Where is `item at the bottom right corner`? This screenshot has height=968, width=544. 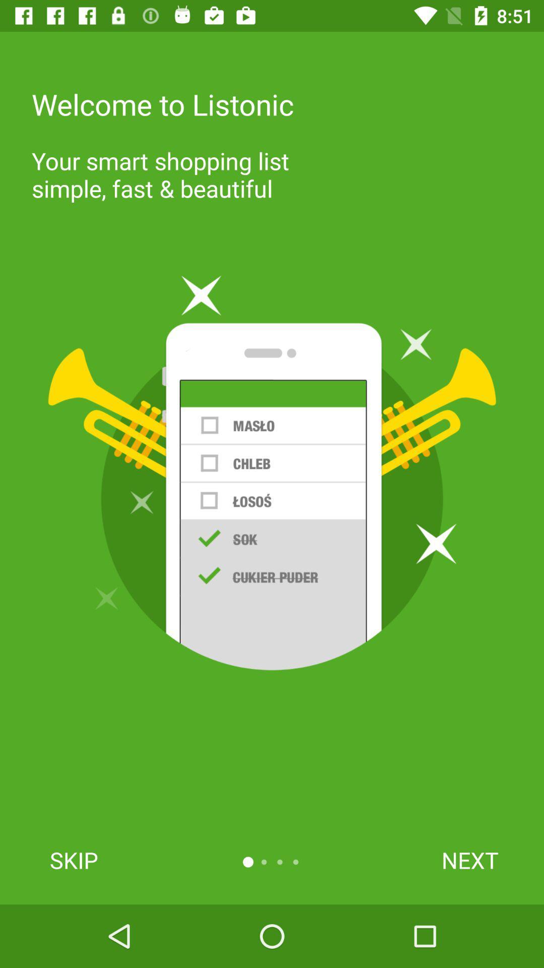
item at the bottom right corner is located at coordinates (470, 860).